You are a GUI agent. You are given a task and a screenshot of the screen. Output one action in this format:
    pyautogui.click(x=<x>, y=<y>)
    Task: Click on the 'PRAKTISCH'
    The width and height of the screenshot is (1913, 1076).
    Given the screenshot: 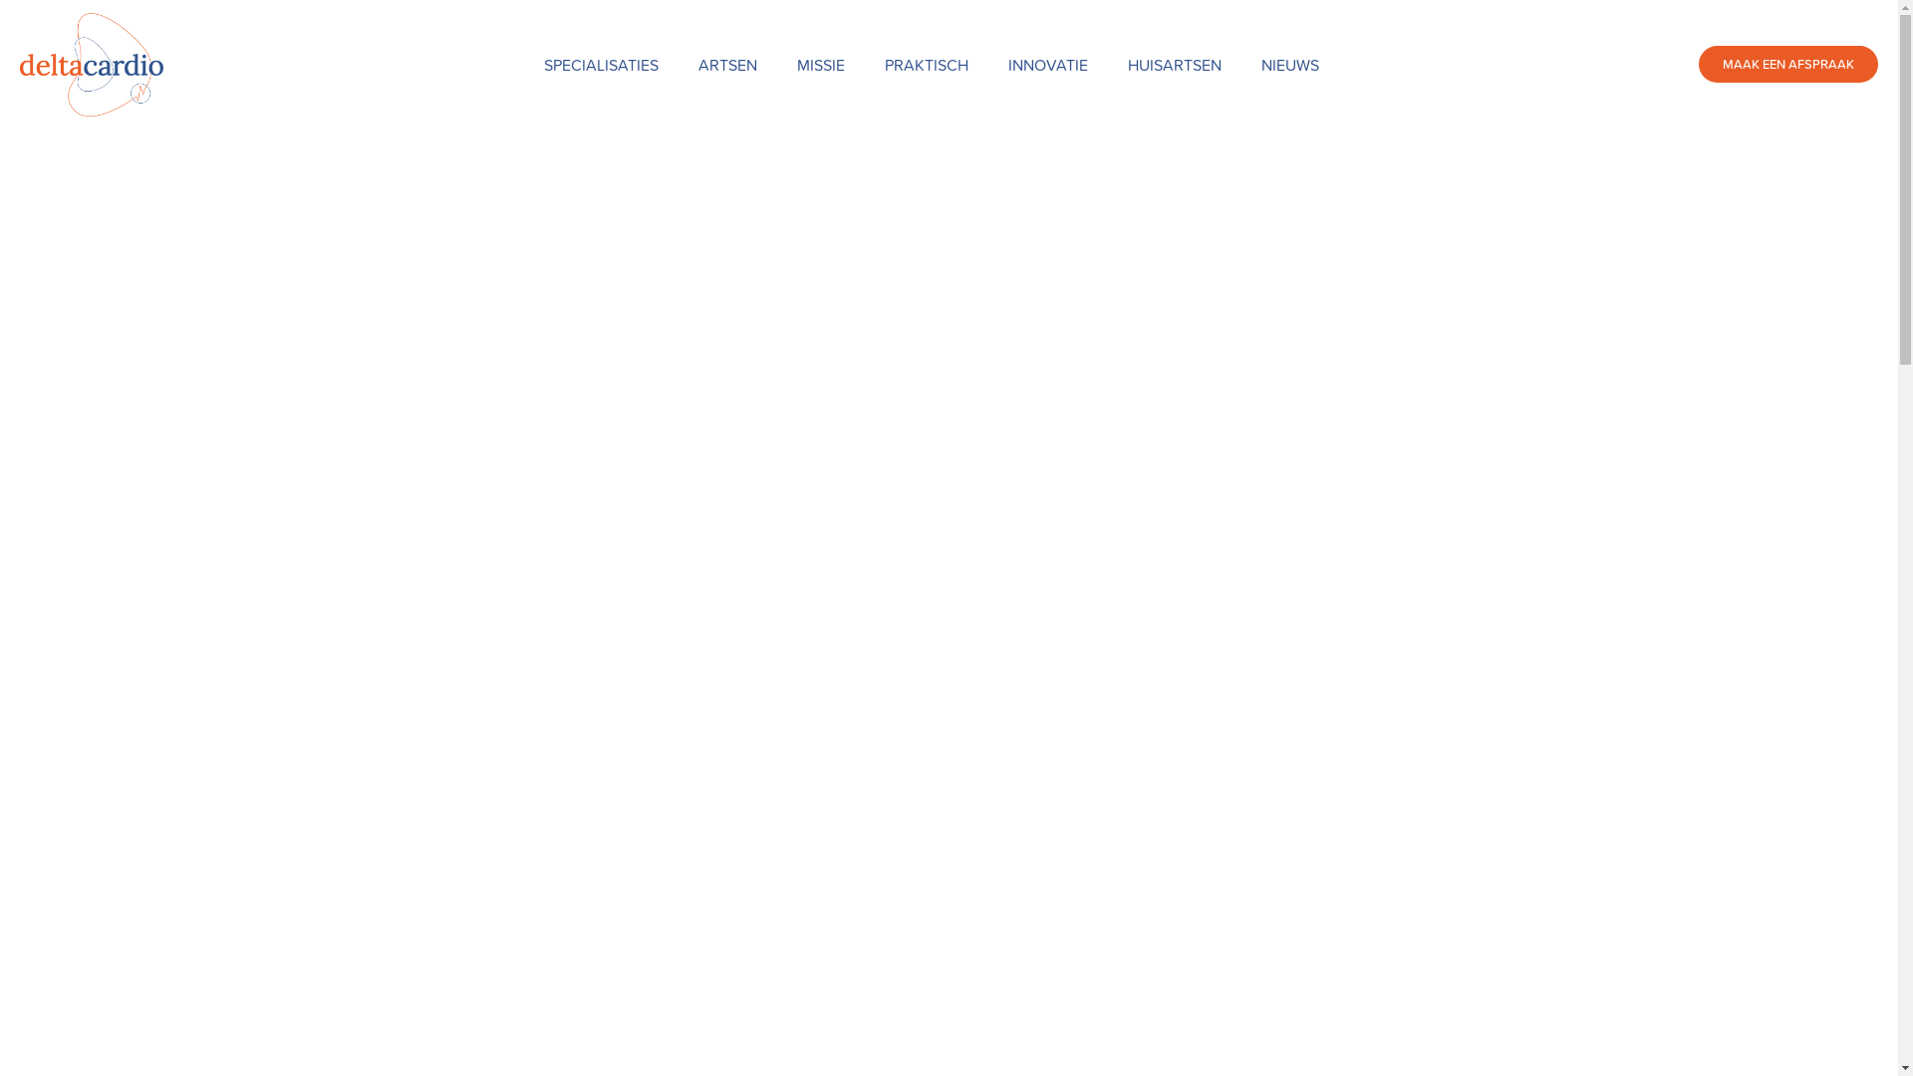 What is the action you would take?
    pyautogui.click(x=926, y=64)
    